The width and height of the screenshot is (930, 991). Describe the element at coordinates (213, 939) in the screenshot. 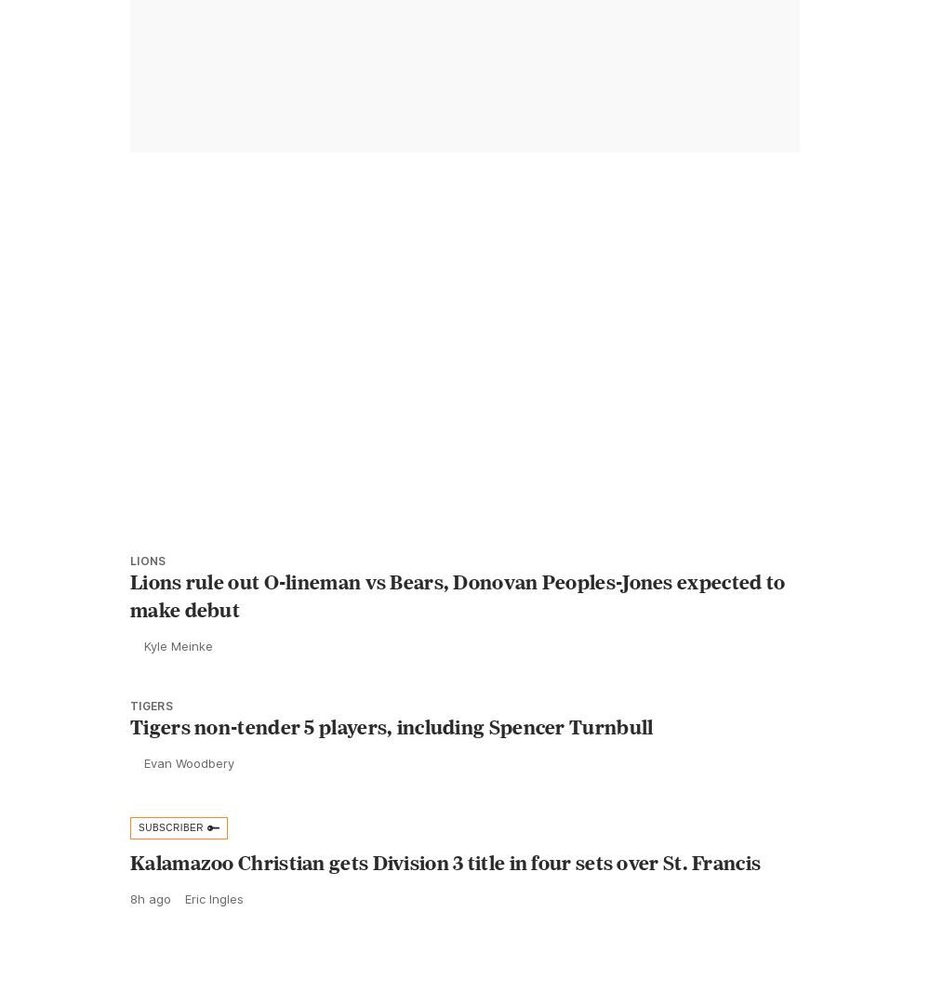

I see `'Eric Ingles'` at that location.